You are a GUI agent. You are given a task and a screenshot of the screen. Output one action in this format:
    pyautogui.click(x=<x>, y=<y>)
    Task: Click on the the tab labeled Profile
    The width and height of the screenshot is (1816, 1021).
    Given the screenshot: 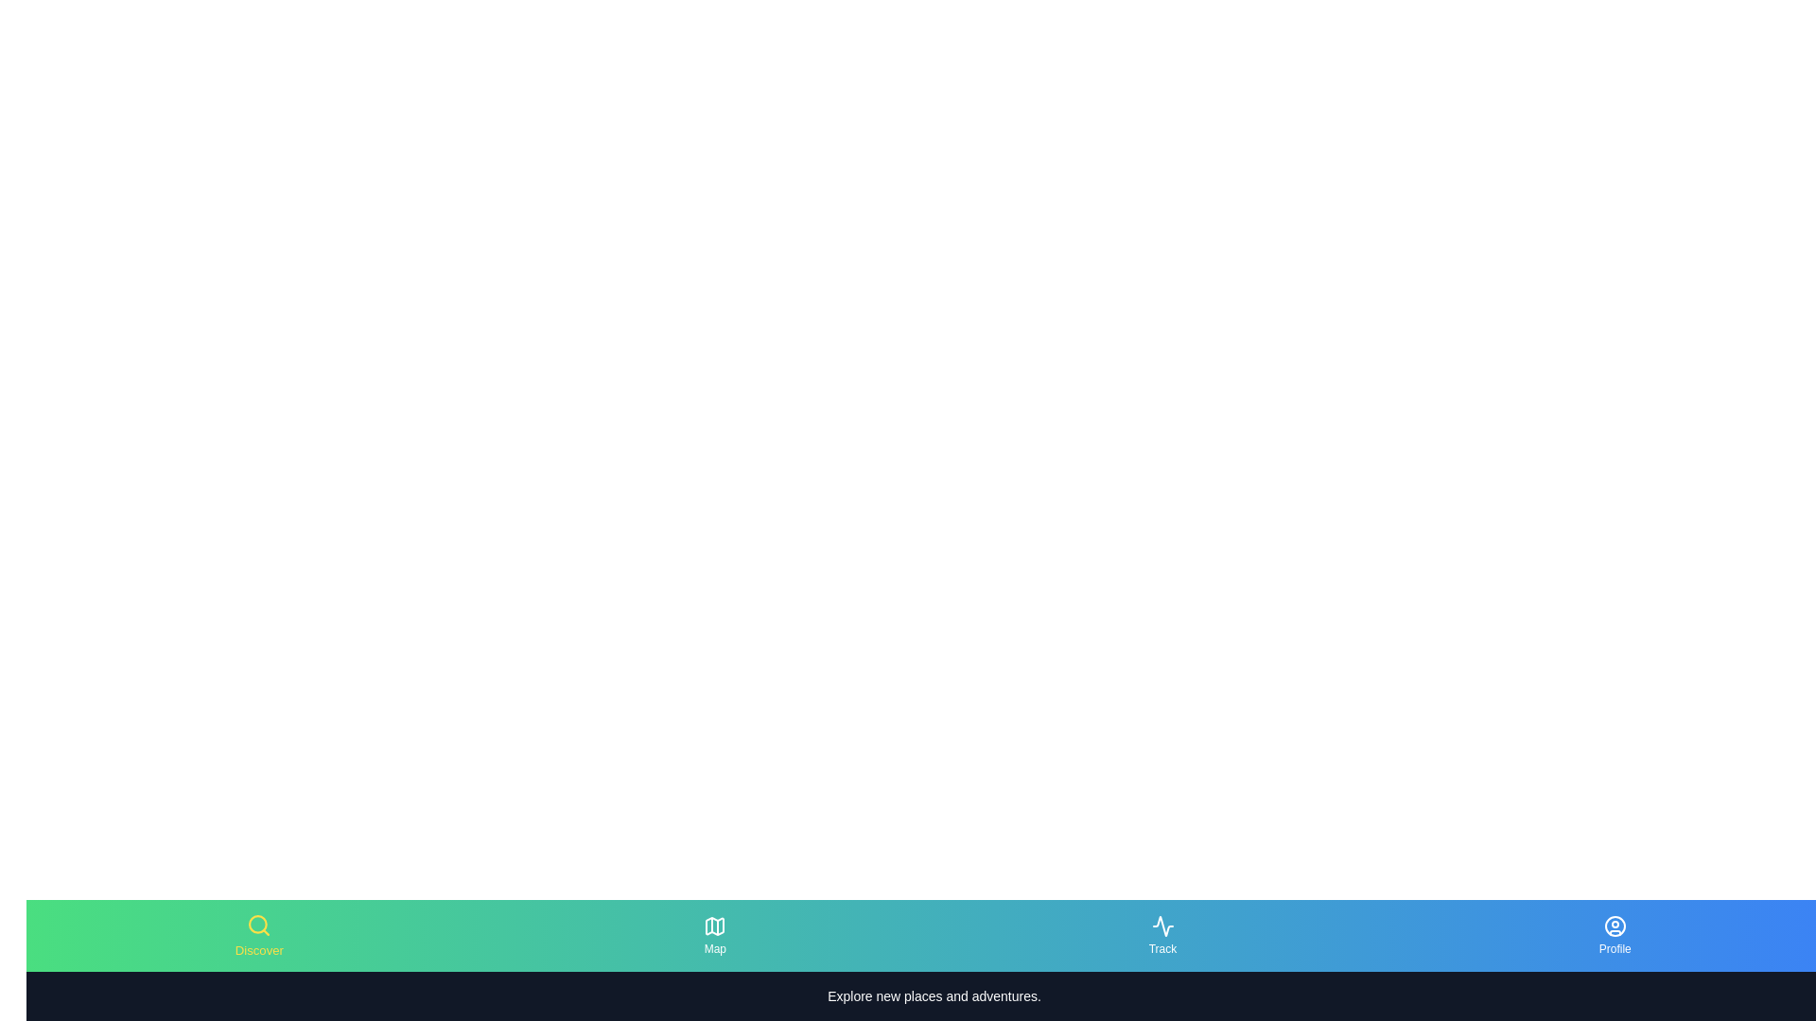 What is the action you would take?
    pyautogui.click(x=1614, y=936)
    